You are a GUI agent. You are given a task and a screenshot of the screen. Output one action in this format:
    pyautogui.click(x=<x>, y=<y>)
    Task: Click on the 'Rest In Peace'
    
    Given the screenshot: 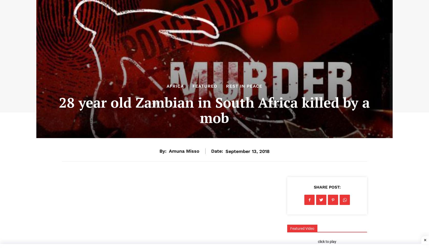 What is the action you would take?
    pyautogui.click(x=244, y=86)
    